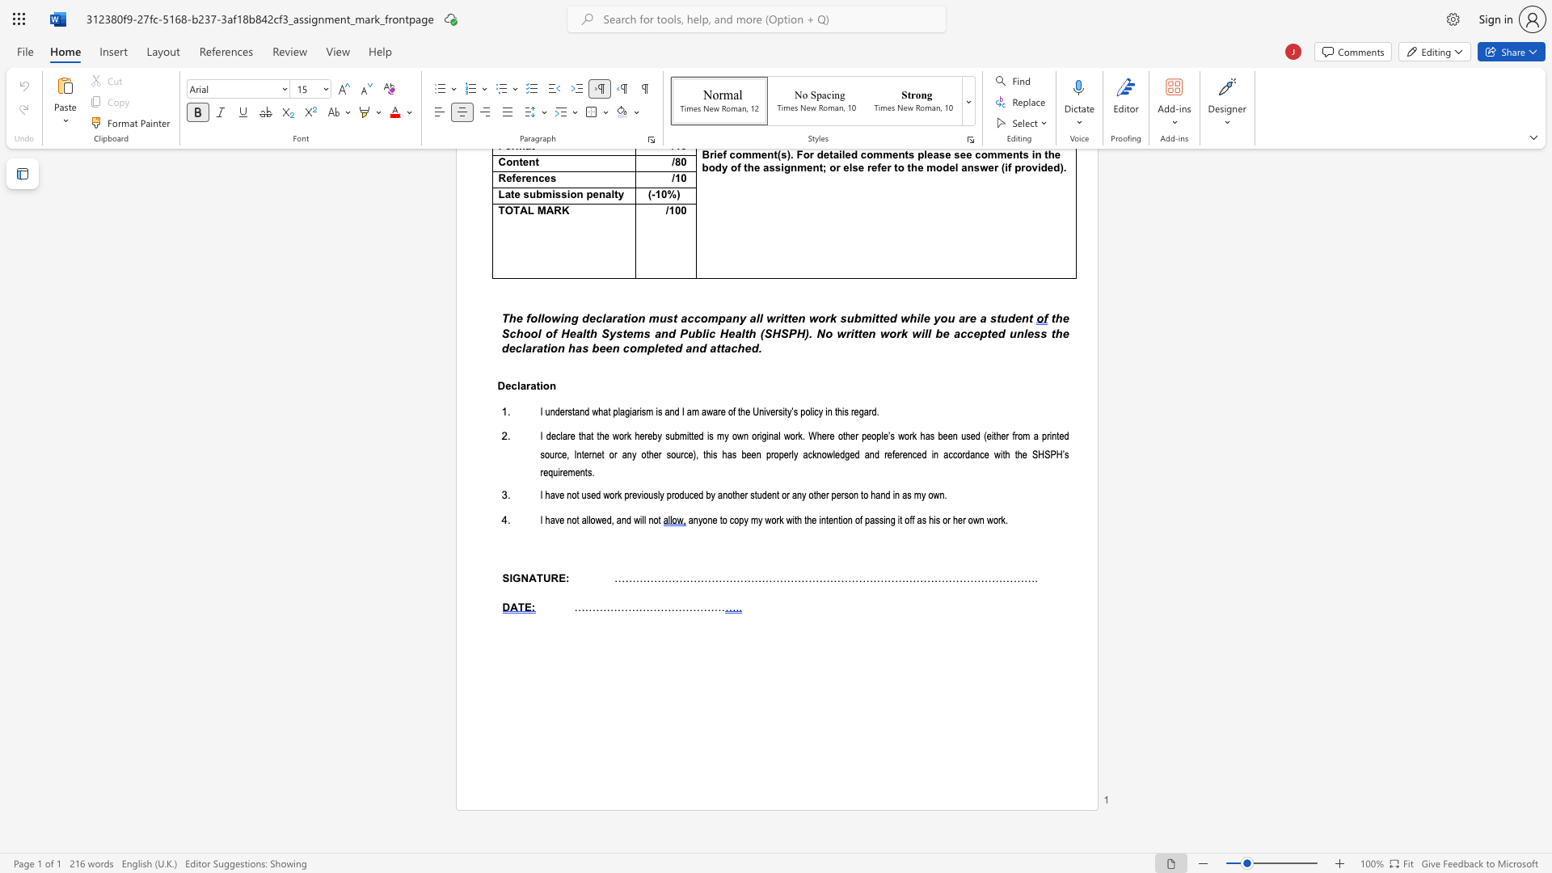 The image size is (1552, 873). Describe the element at coordinates (681, 607) in the screenshot. I see `the subset text "………" within the text "……………………………………"` at that location.